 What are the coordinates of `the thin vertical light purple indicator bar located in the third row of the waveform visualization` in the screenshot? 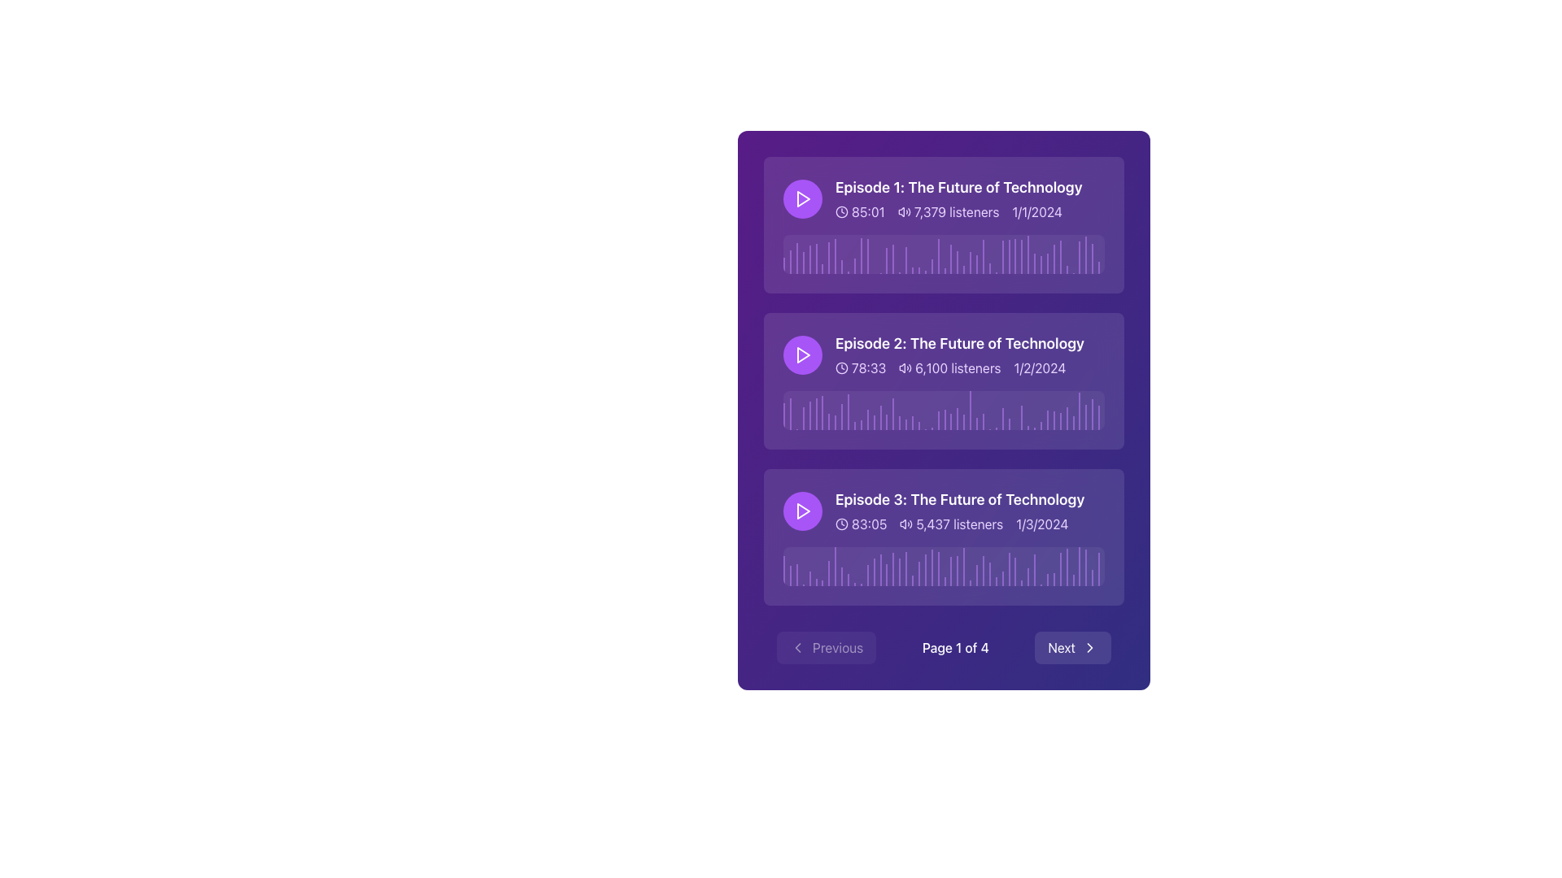 It's located at (1014, 571).